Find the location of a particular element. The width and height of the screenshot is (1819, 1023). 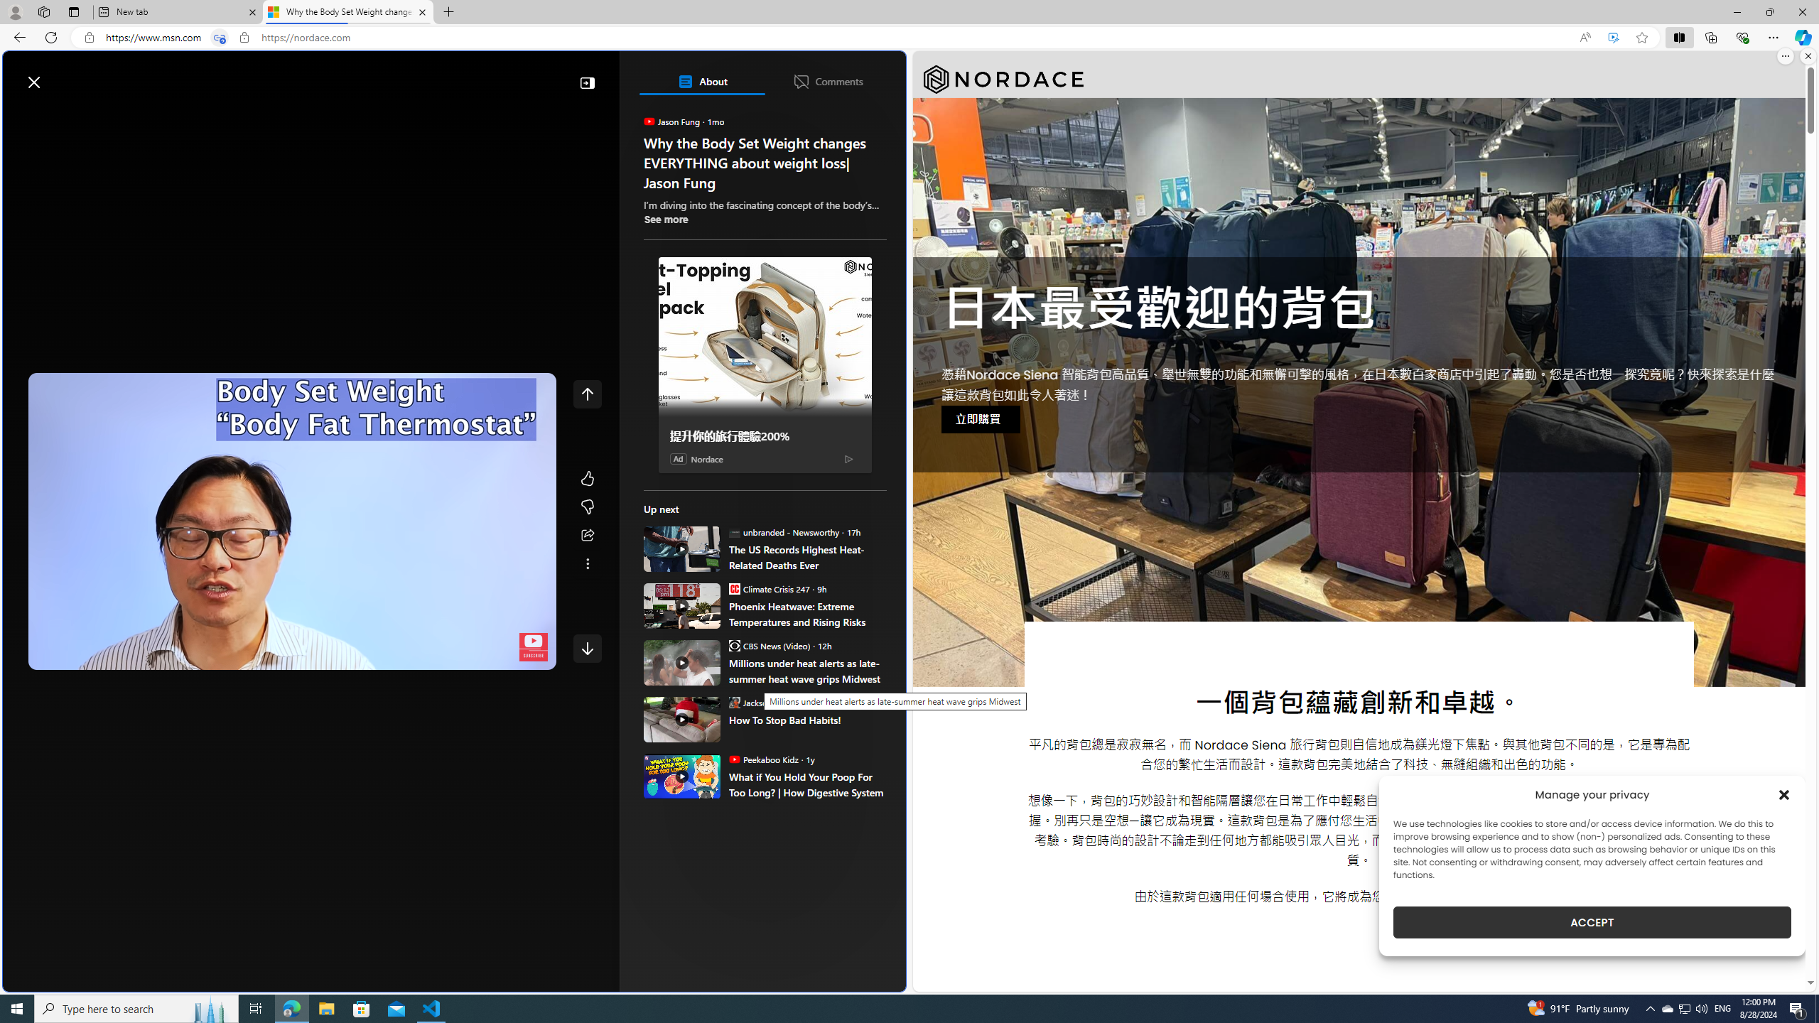

'Tabs in split screen' is located at coordinates (220, 38).